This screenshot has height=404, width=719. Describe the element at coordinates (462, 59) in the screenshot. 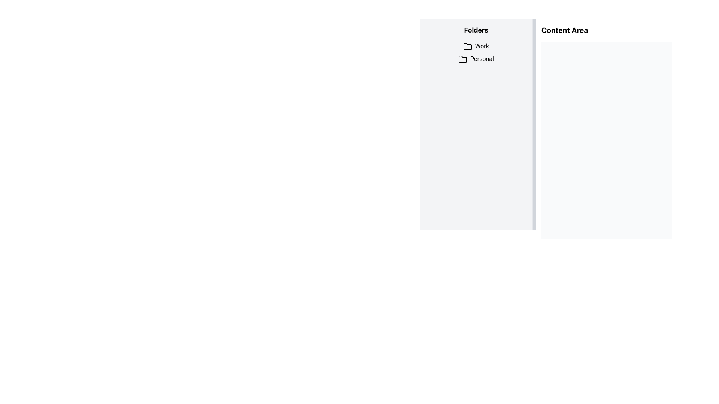

I see `the second folder icon, which is a black outline style with rounded corners, located next to the label 'Personal' under the 'Folders' heading` at that location.